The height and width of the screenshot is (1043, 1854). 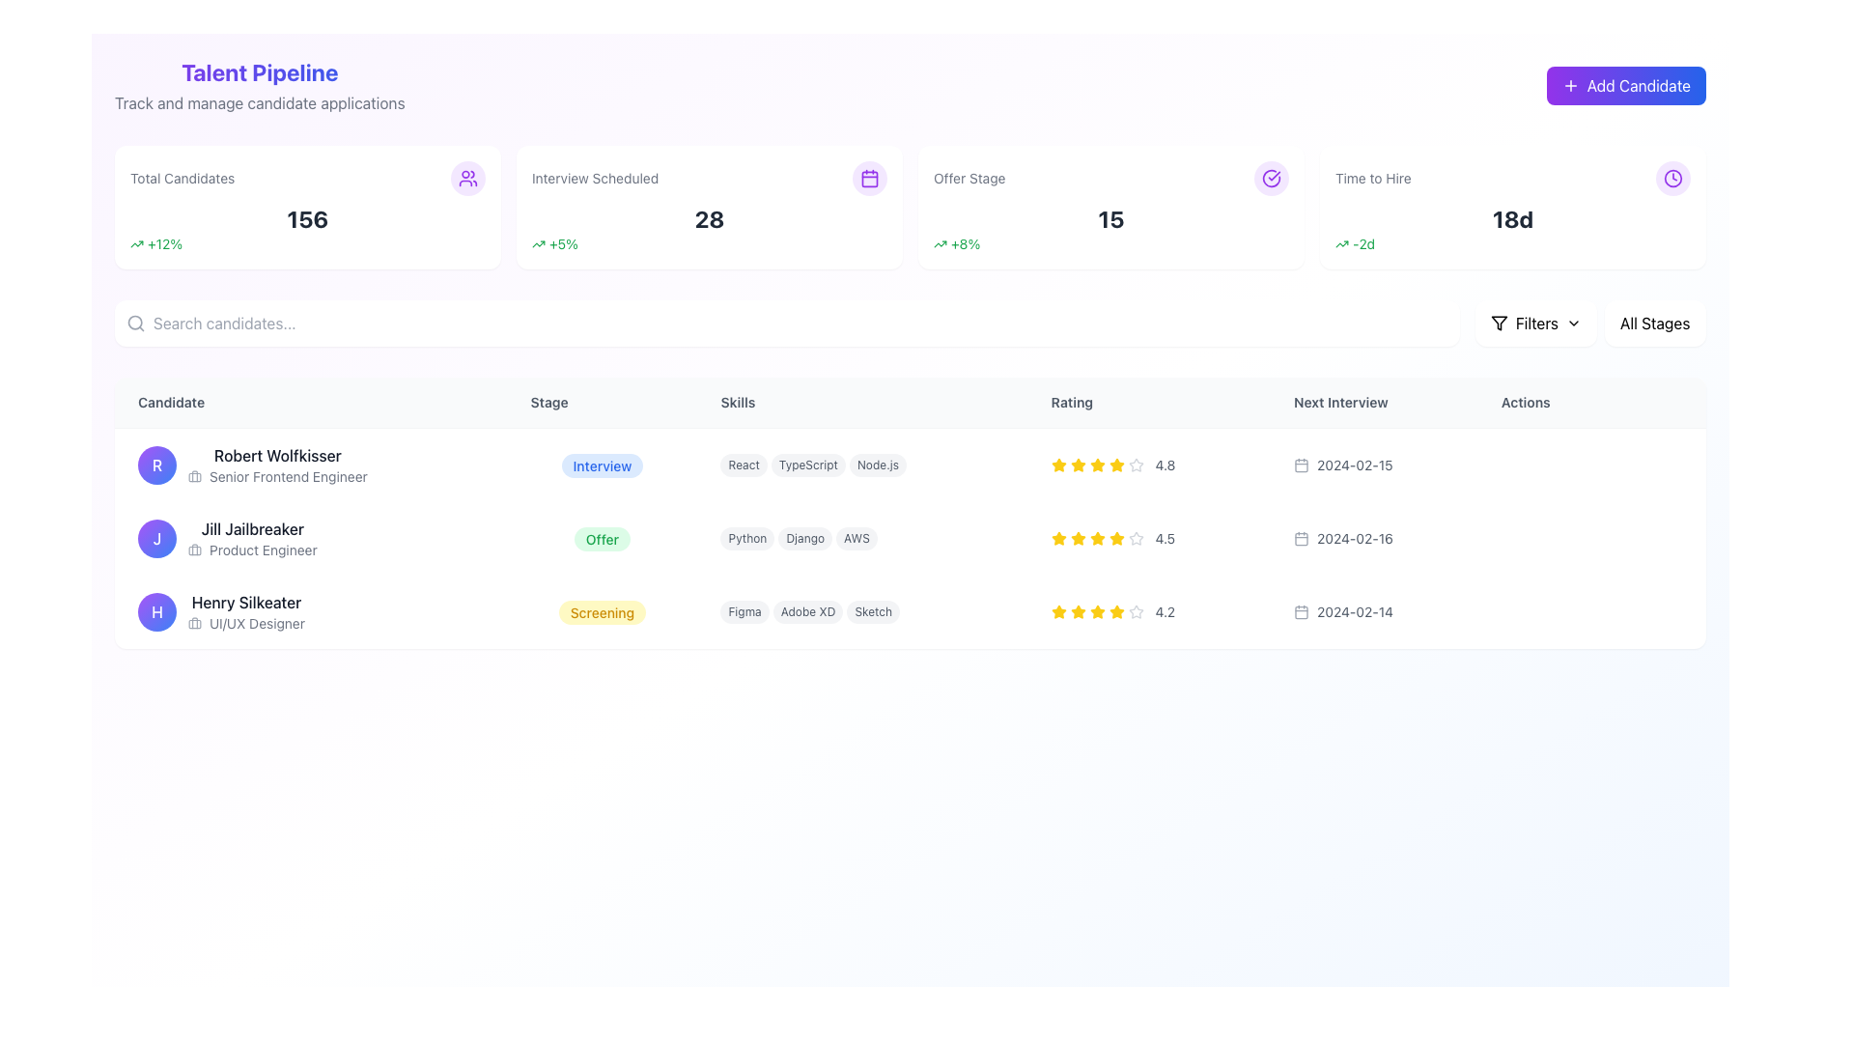 I want to click on the Rating display widget showing a score of '4.8' and five stars, located in the 'Rating' column of the table for 'Robert Wolfkisser', so click(x=1149, y=465).